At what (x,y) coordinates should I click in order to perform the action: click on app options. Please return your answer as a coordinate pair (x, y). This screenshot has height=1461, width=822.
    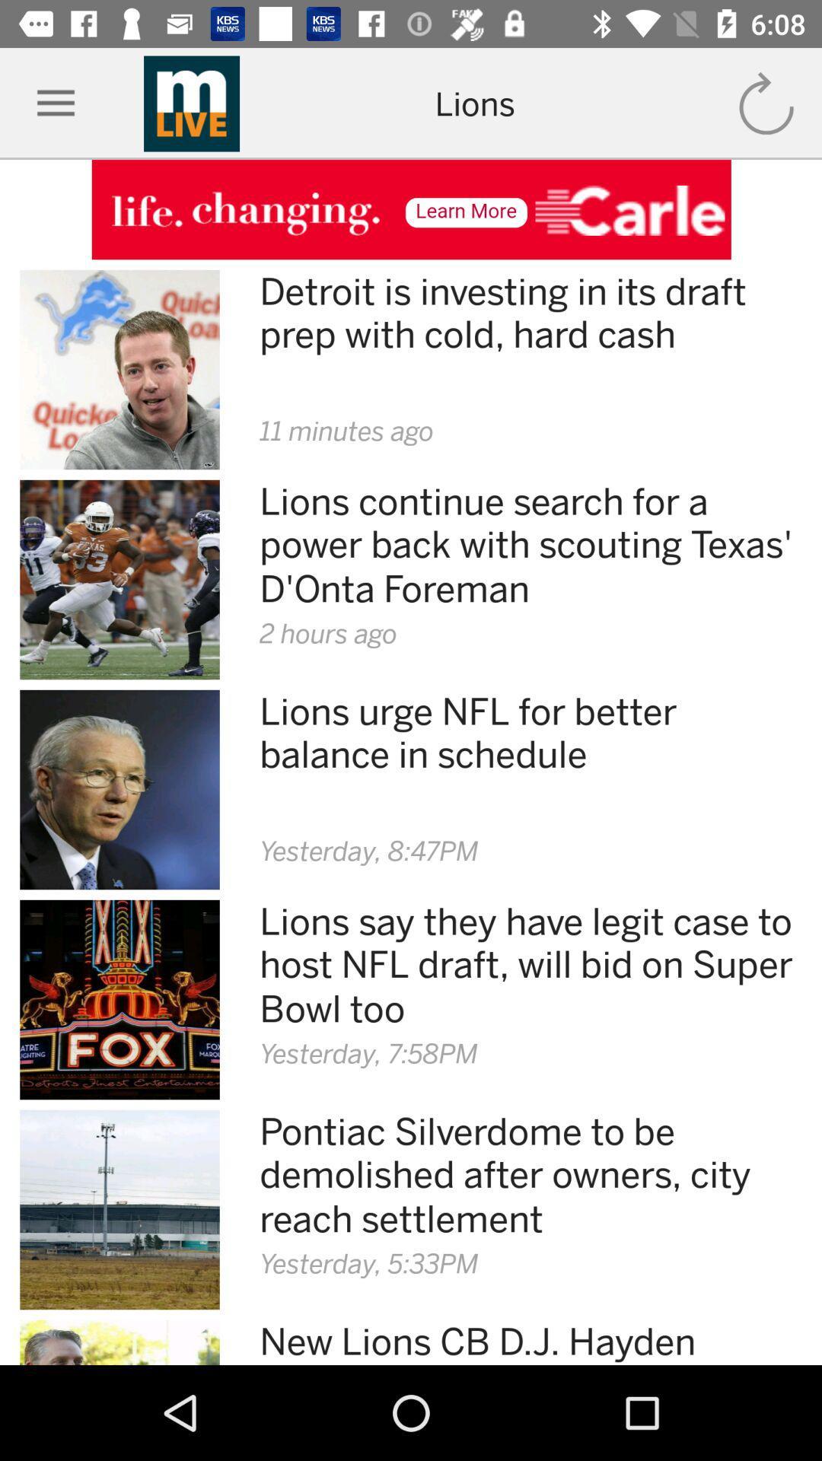
    Looking at the image, I should click on (55, 103).